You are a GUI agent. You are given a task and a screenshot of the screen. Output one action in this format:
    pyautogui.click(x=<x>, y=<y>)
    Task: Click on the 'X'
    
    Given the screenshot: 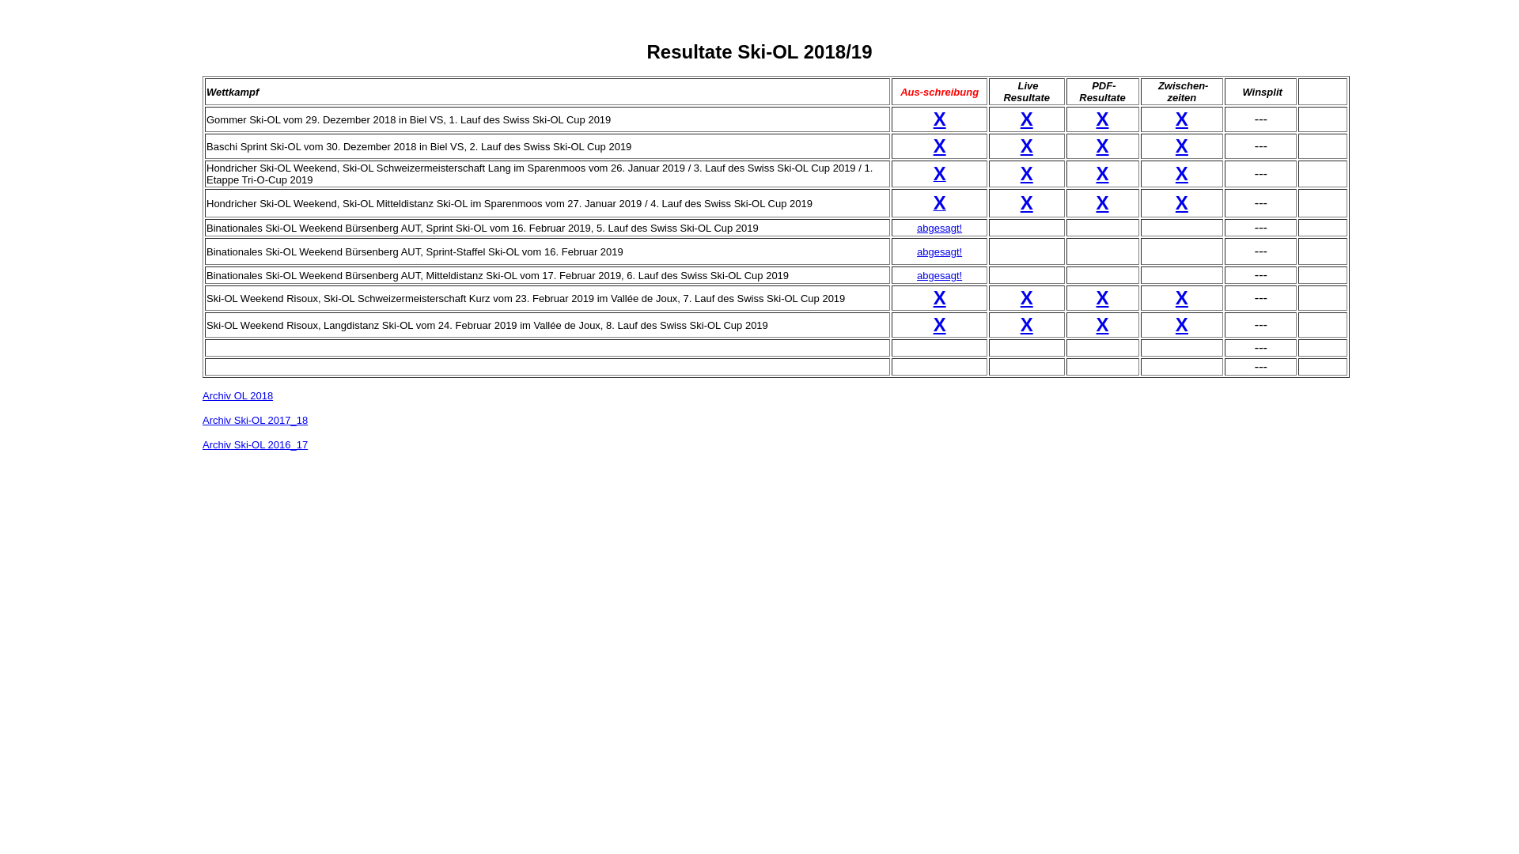 What is the action you would take?
    pyautogui.click(x=940, y=204)
    